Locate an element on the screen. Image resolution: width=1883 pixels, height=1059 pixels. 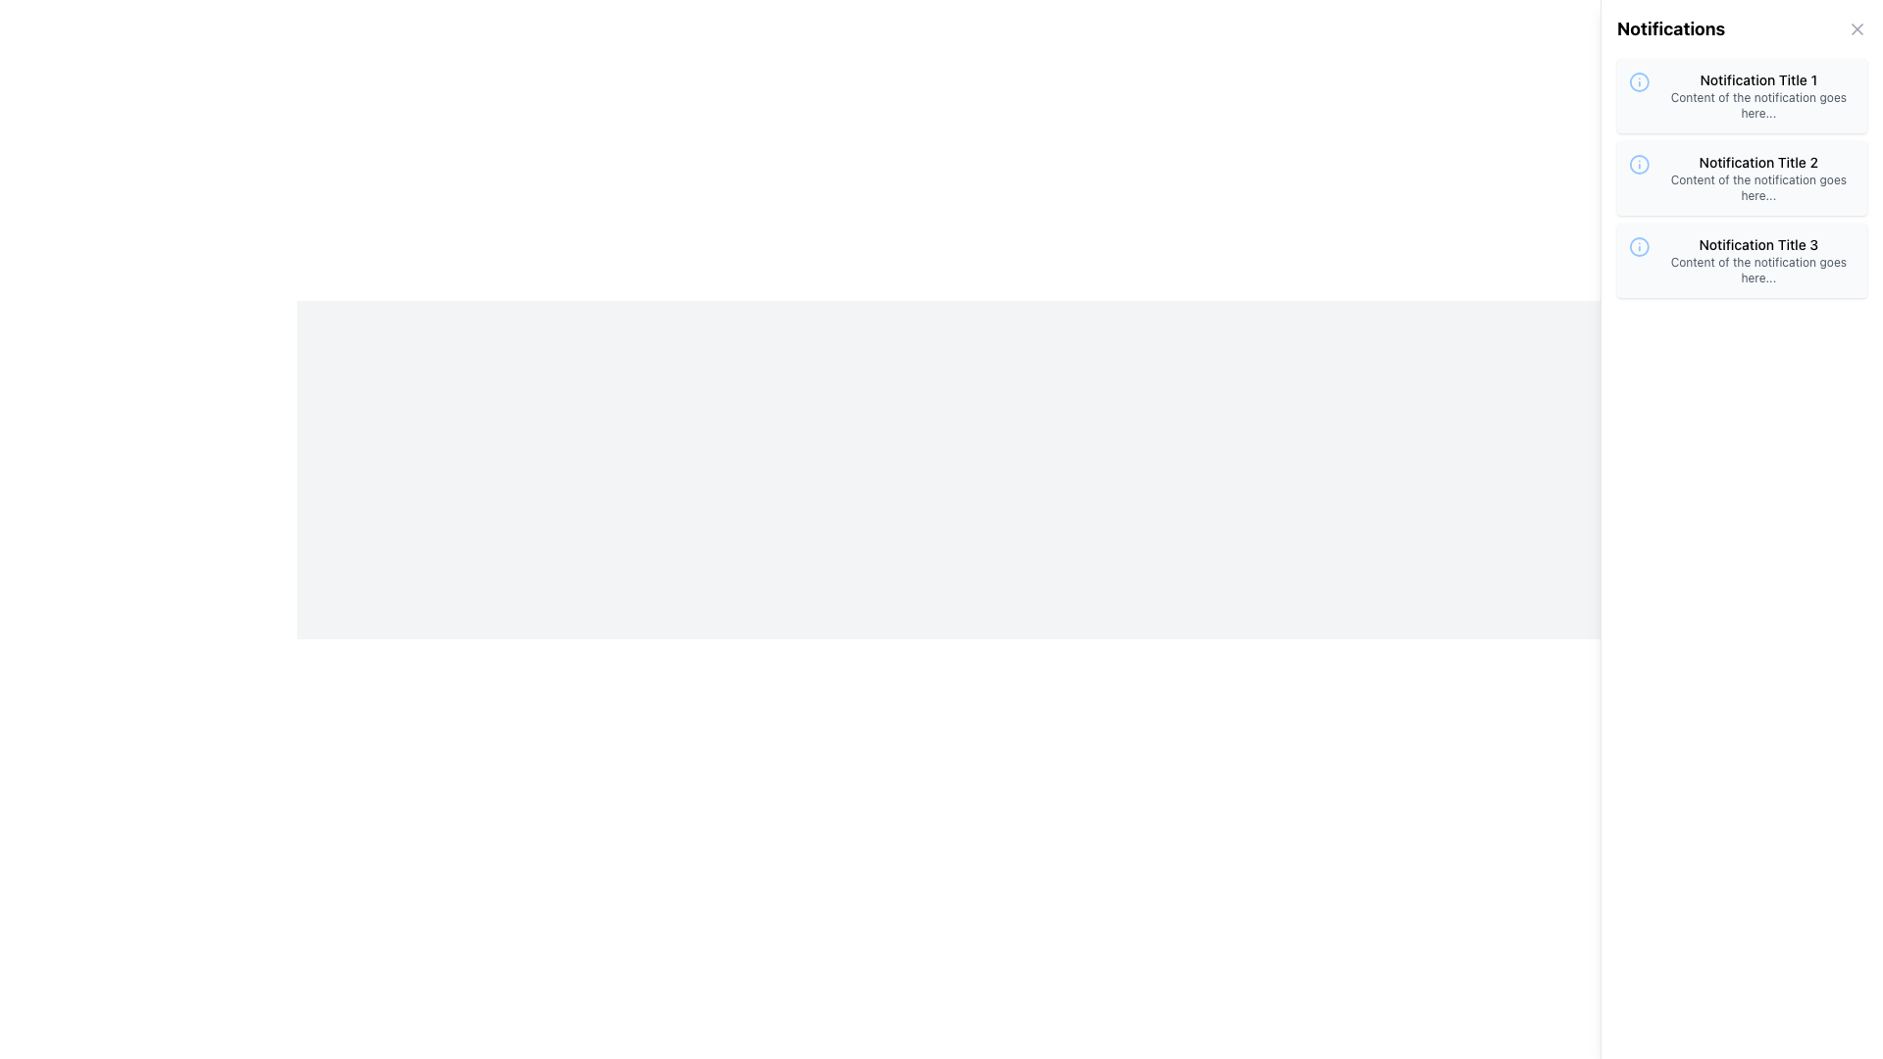
the first notification card located in the right-side panel labeled 'Notifications' is located at coordinates (1742, 95).